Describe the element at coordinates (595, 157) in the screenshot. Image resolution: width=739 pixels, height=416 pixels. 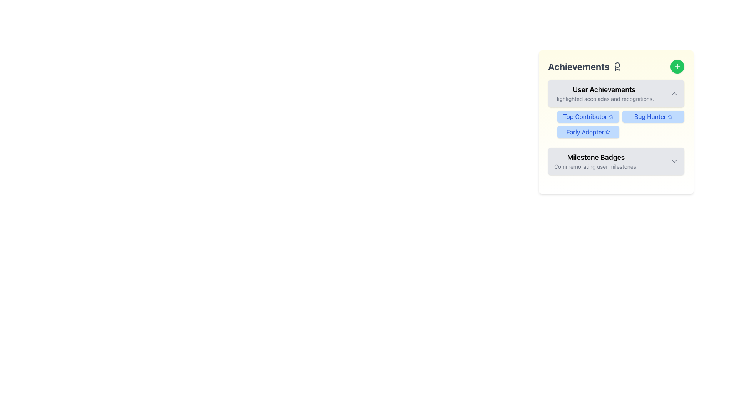
I see `the 'Milestone Badges' text label, which is a bold and larger black font located in the bottom section of the 'Achievements' interface` at that location.